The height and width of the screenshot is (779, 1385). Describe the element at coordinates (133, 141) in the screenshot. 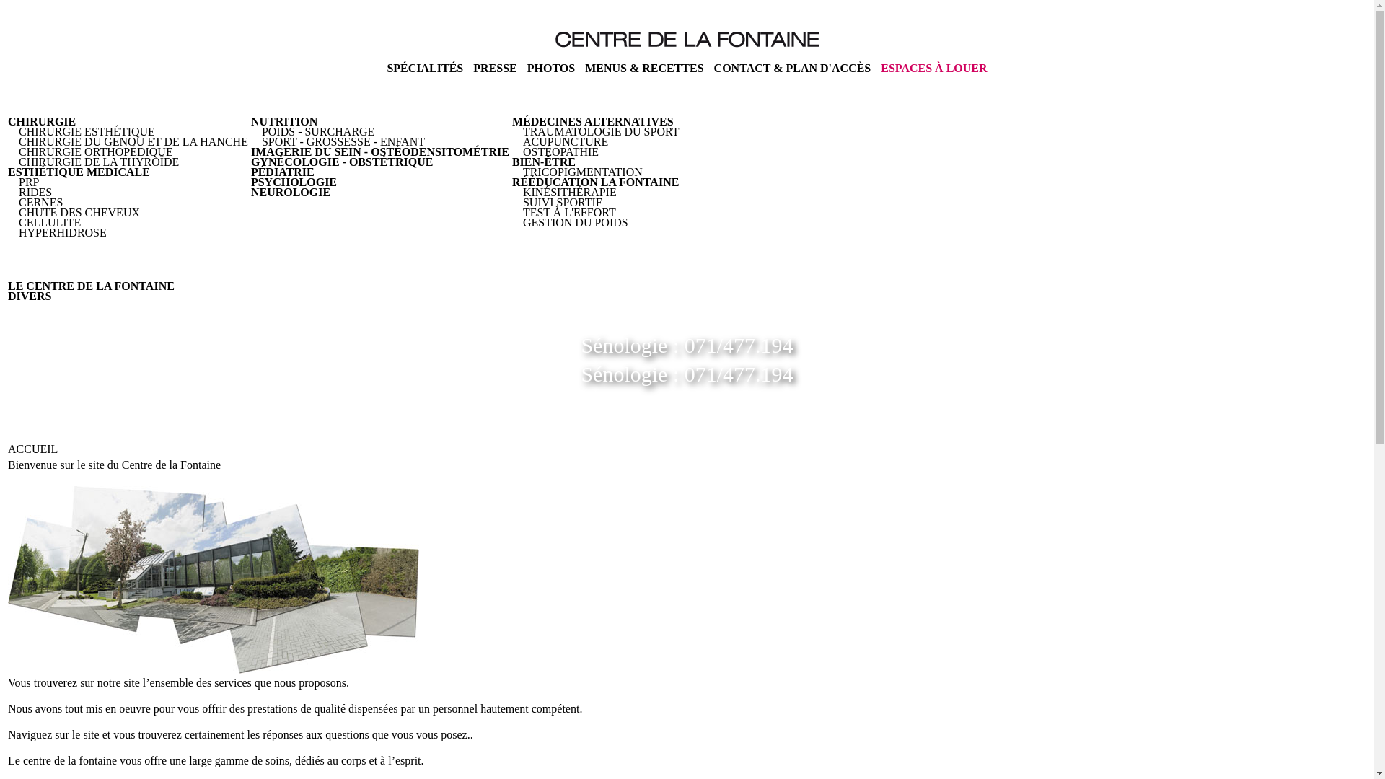

I see `'CHIRURGIE DU GENOU ET DE LA HANCHE'` at that location.